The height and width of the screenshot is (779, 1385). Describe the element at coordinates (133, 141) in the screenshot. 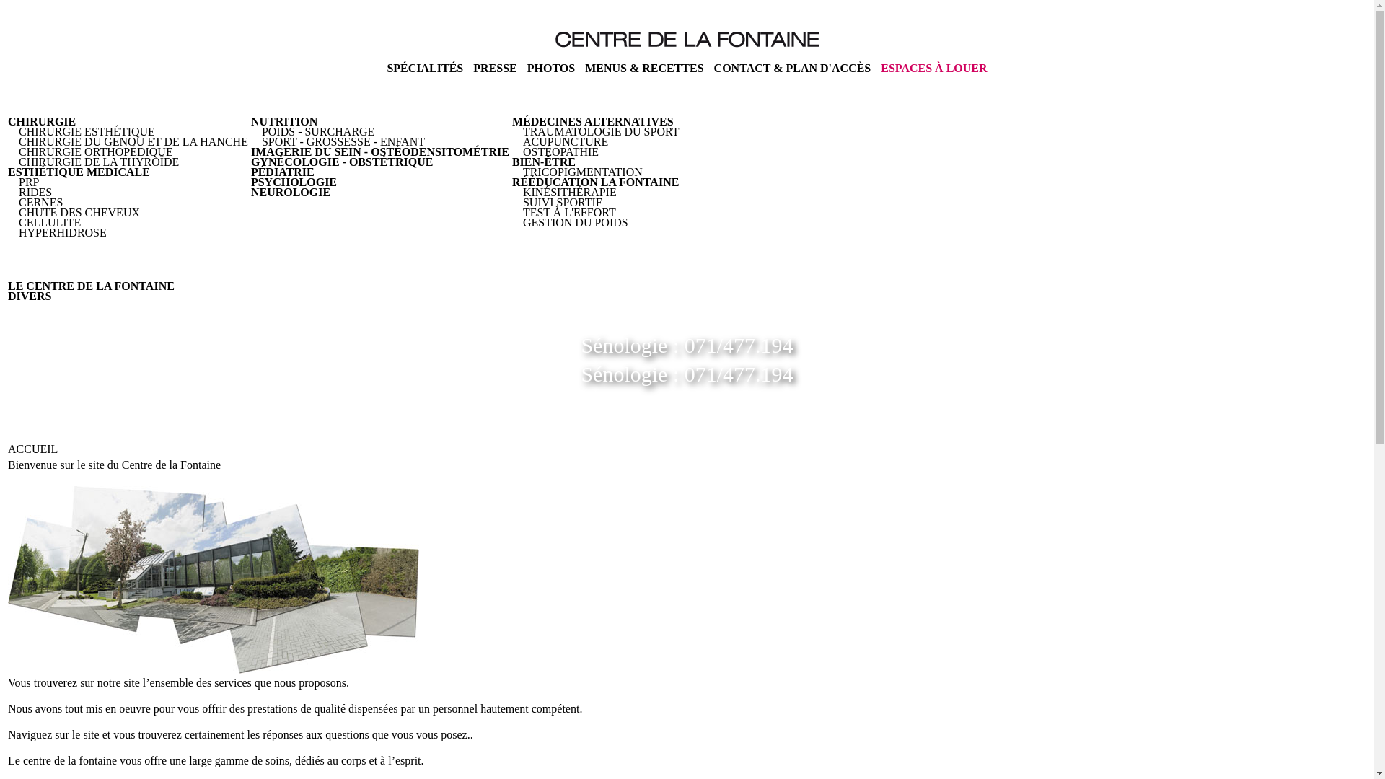

I see `'CHIRURGIE DU GENOU ET DE LA HANCHE'` at that location.